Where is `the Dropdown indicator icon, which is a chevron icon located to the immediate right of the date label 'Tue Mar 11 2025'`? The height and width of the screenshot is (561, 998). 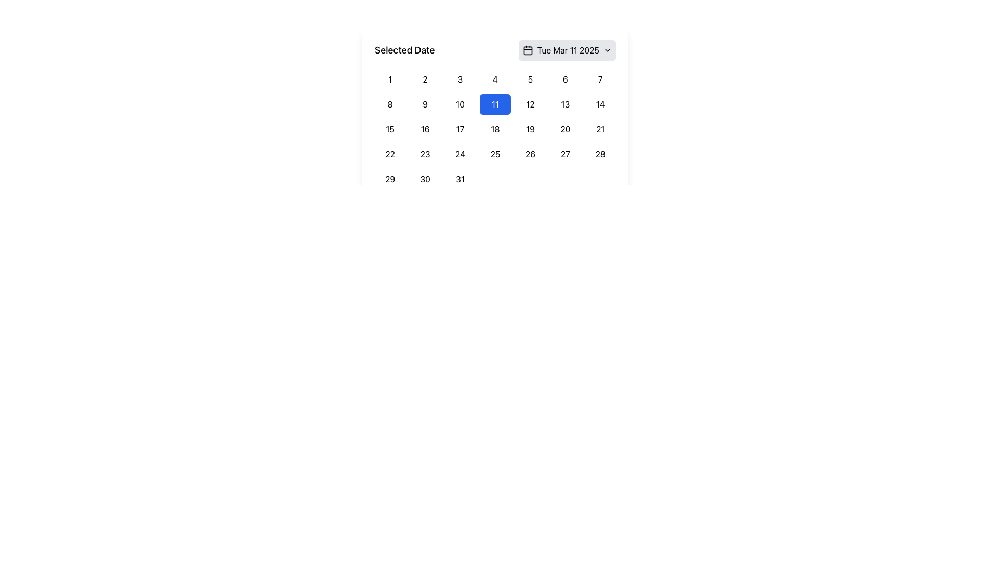
the Dropdown indicator icon, which is a chevron icon located to the immediate right of the date label 'Tue Mar 11 2025' is located at coordinates (608, 50).